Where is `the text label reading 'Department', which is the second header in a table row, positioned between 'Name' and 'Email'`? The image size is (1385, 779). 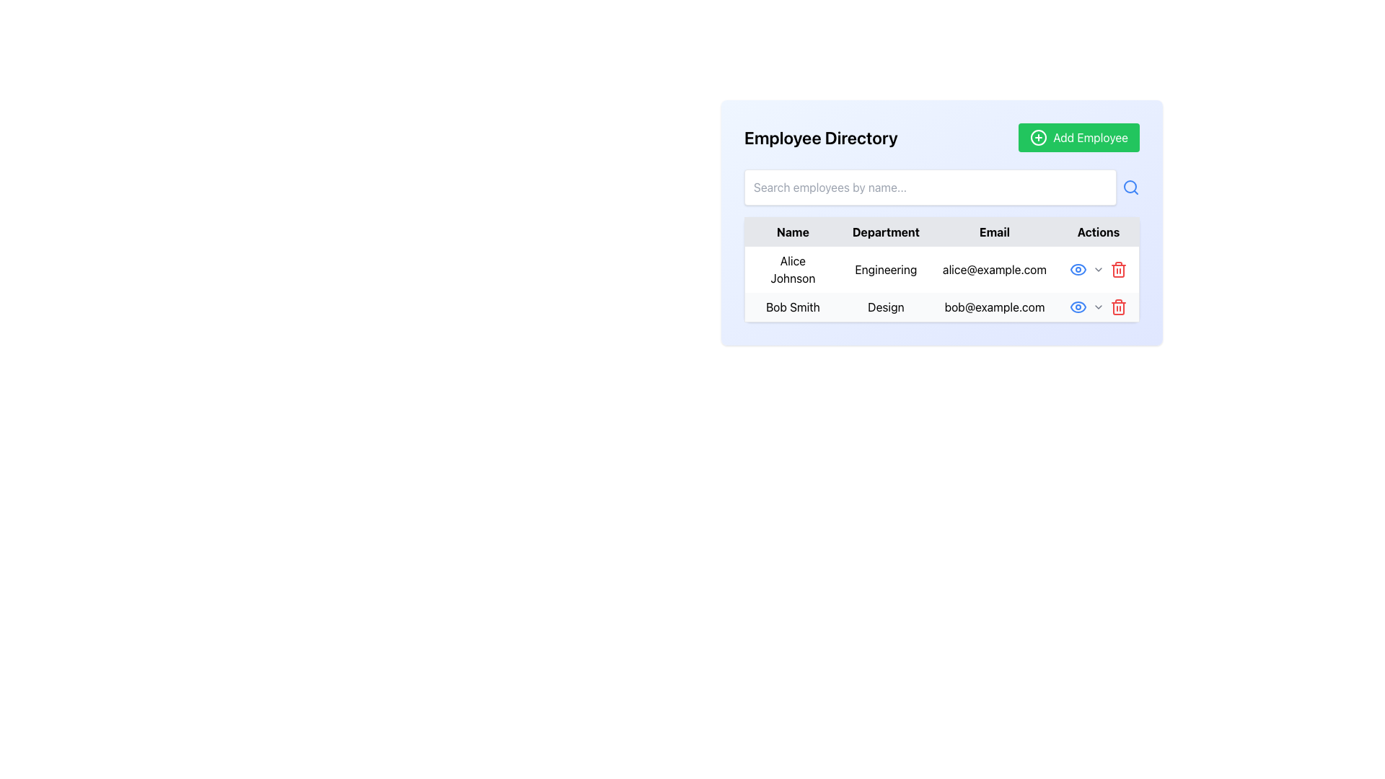
the text label reading 'Department', which is the second header in a table row, positioned between 'Name' and 'Email' is located at coordinates (885, 231).